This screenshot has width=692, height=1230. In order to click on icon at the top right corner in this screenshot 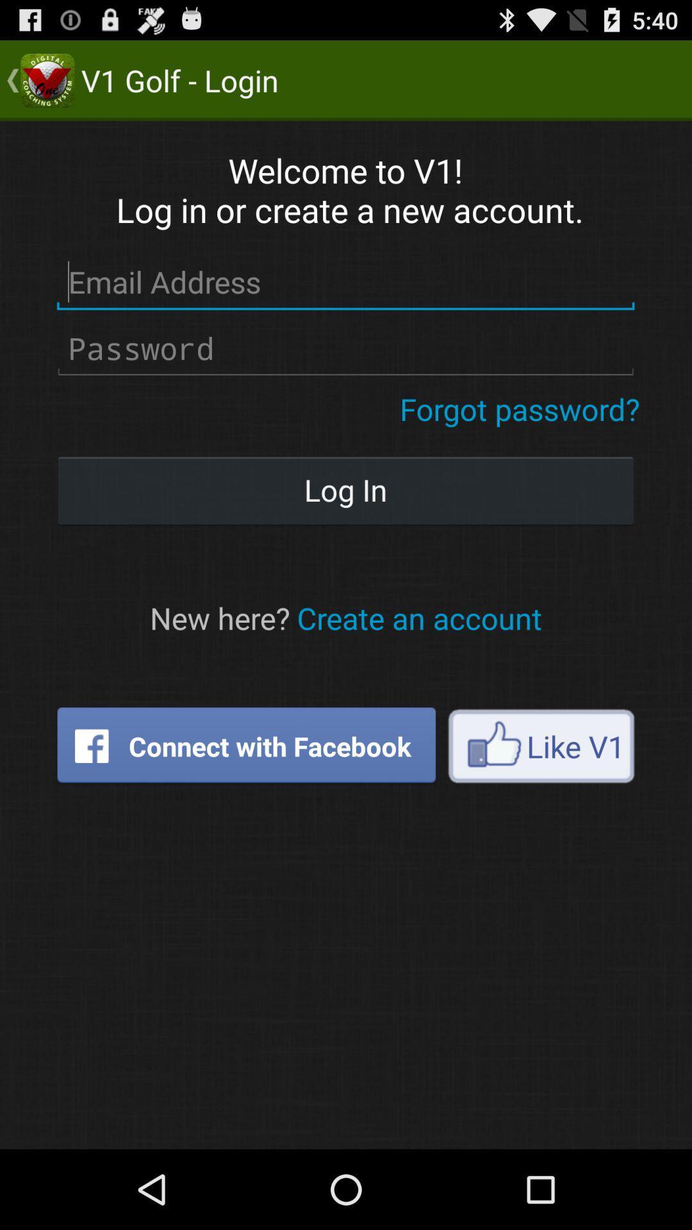, I will do `click(520, 408)`.